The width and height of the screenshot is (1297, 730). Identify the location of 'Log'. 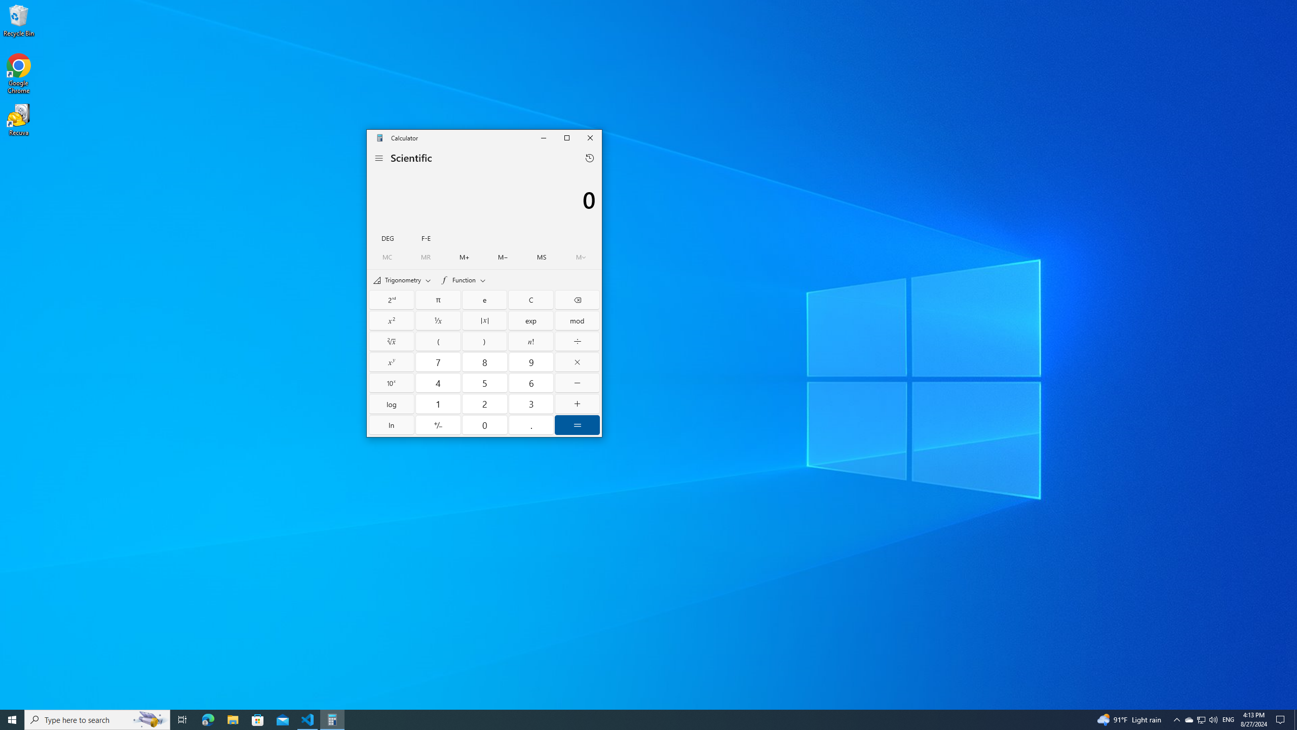
(392, 404).